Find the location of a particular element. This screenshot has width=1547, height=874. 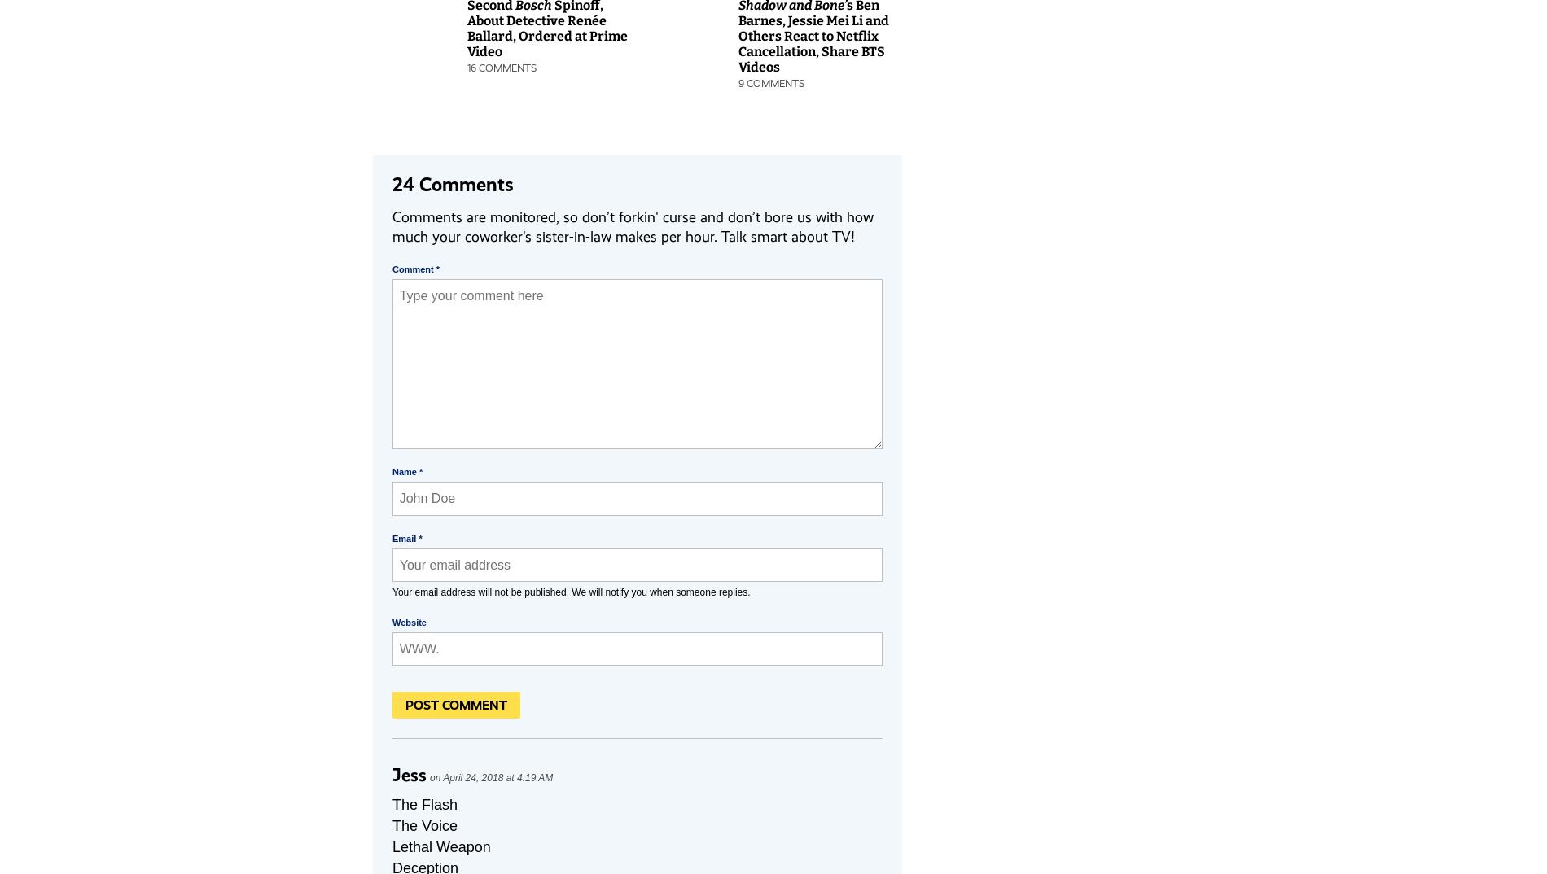

'24 Comments' is located at coordinates (453, 183).